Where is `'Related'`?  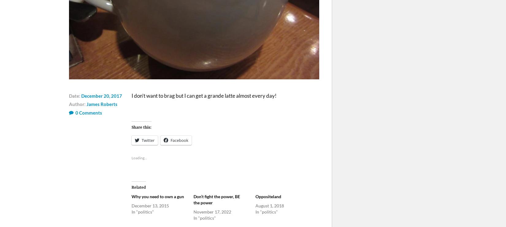 'Related' is located at coordinates (138, 187).